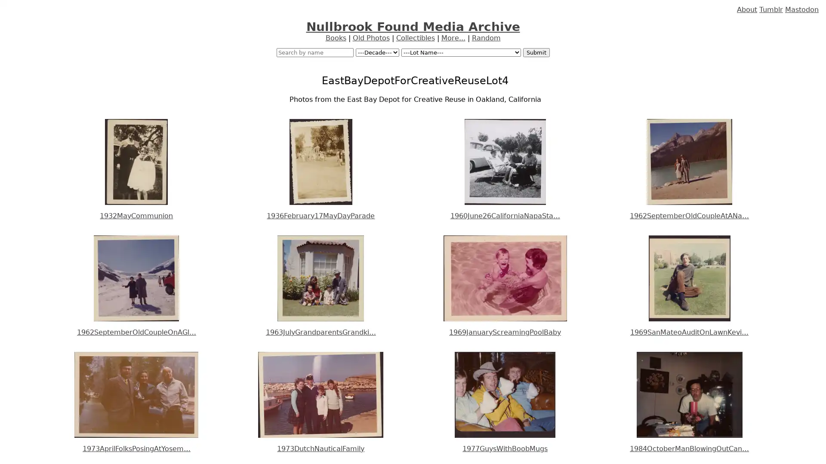  What do you see at coordinates (536, 52) in the screenshot?
I see `Submit` at bounding box center [536, 52].